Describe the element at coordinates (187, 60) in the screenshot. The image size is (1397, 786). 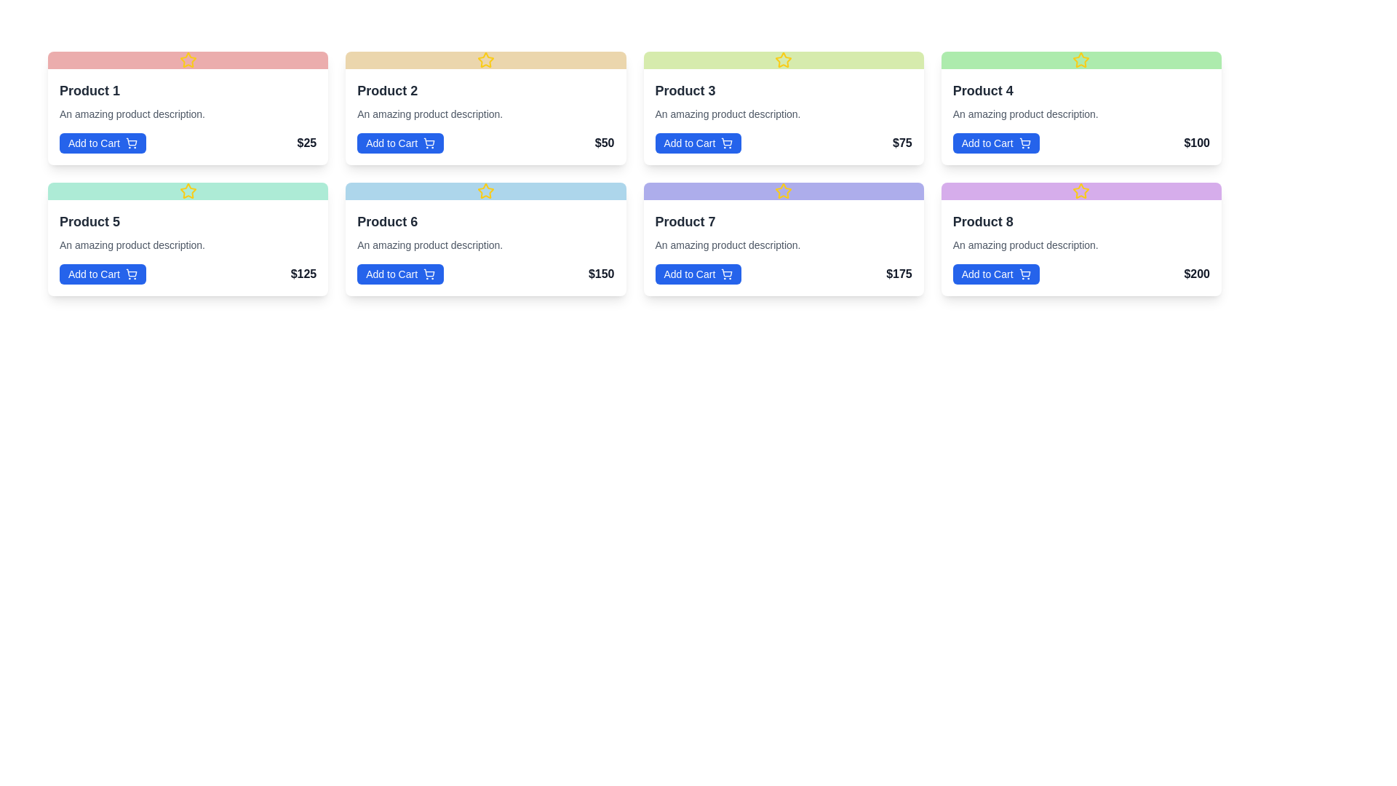
I see `the yellow star icon with a hollow center, which is centrally positioned in the upper region of the card titled 'Product 1'` at that location.